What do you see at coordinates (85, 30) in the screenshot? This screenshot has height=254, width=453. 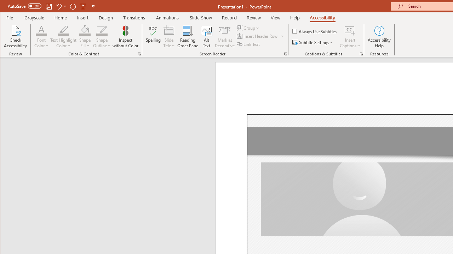 I see `'Shape Fill Orange, Accent 2'` at bounding box center [85, 30].